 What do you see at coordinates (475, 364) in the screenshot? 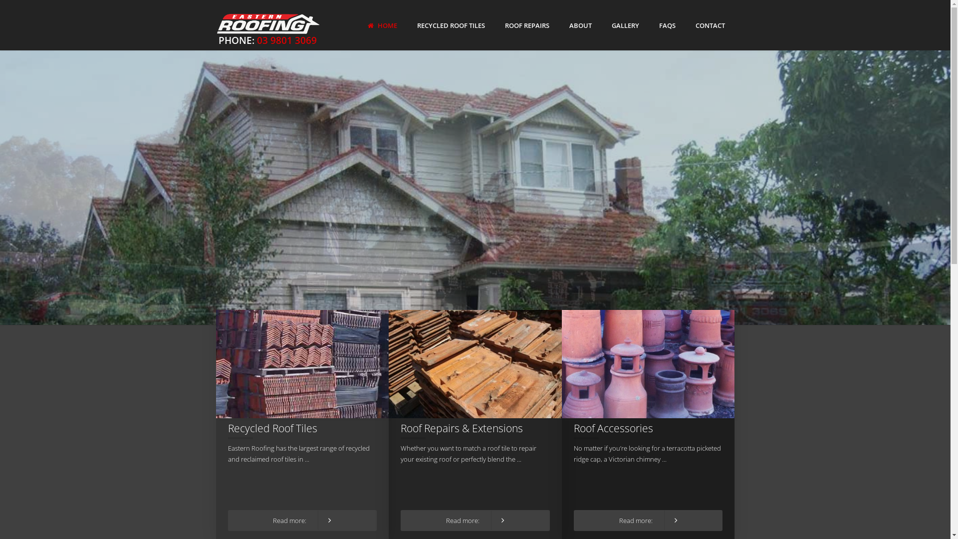
I see `'Roof Repairs & Extensions'` at bounding box center [475, 364].